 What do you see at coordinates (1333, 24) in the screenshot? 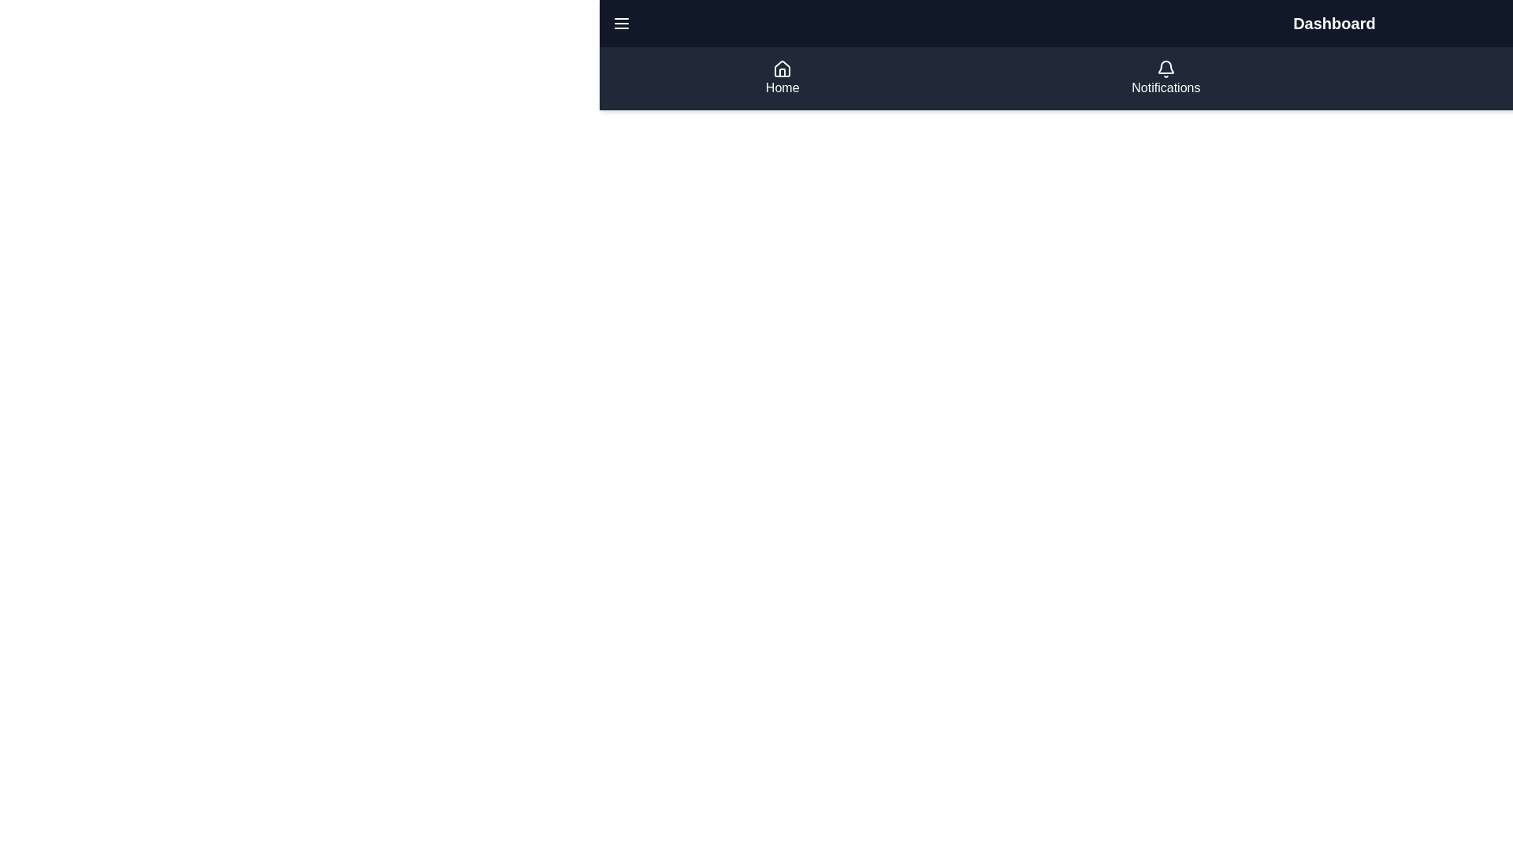
I see `the header title 'Dashboard'` at bounding box center [1333, 24].